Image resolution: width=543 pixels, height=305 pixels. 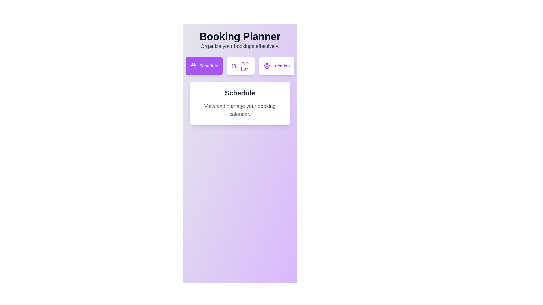 I want to click on the Task List button to switch to the corresponding tab, so click(x=241, y=66).